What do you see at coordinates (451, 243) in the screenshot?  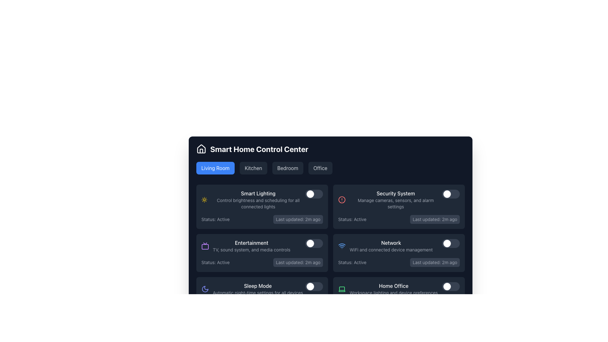 I see `the toggle switch used to enable or disable the 'Network' functionality in the smart home control system` at bounding box center [451, 243].